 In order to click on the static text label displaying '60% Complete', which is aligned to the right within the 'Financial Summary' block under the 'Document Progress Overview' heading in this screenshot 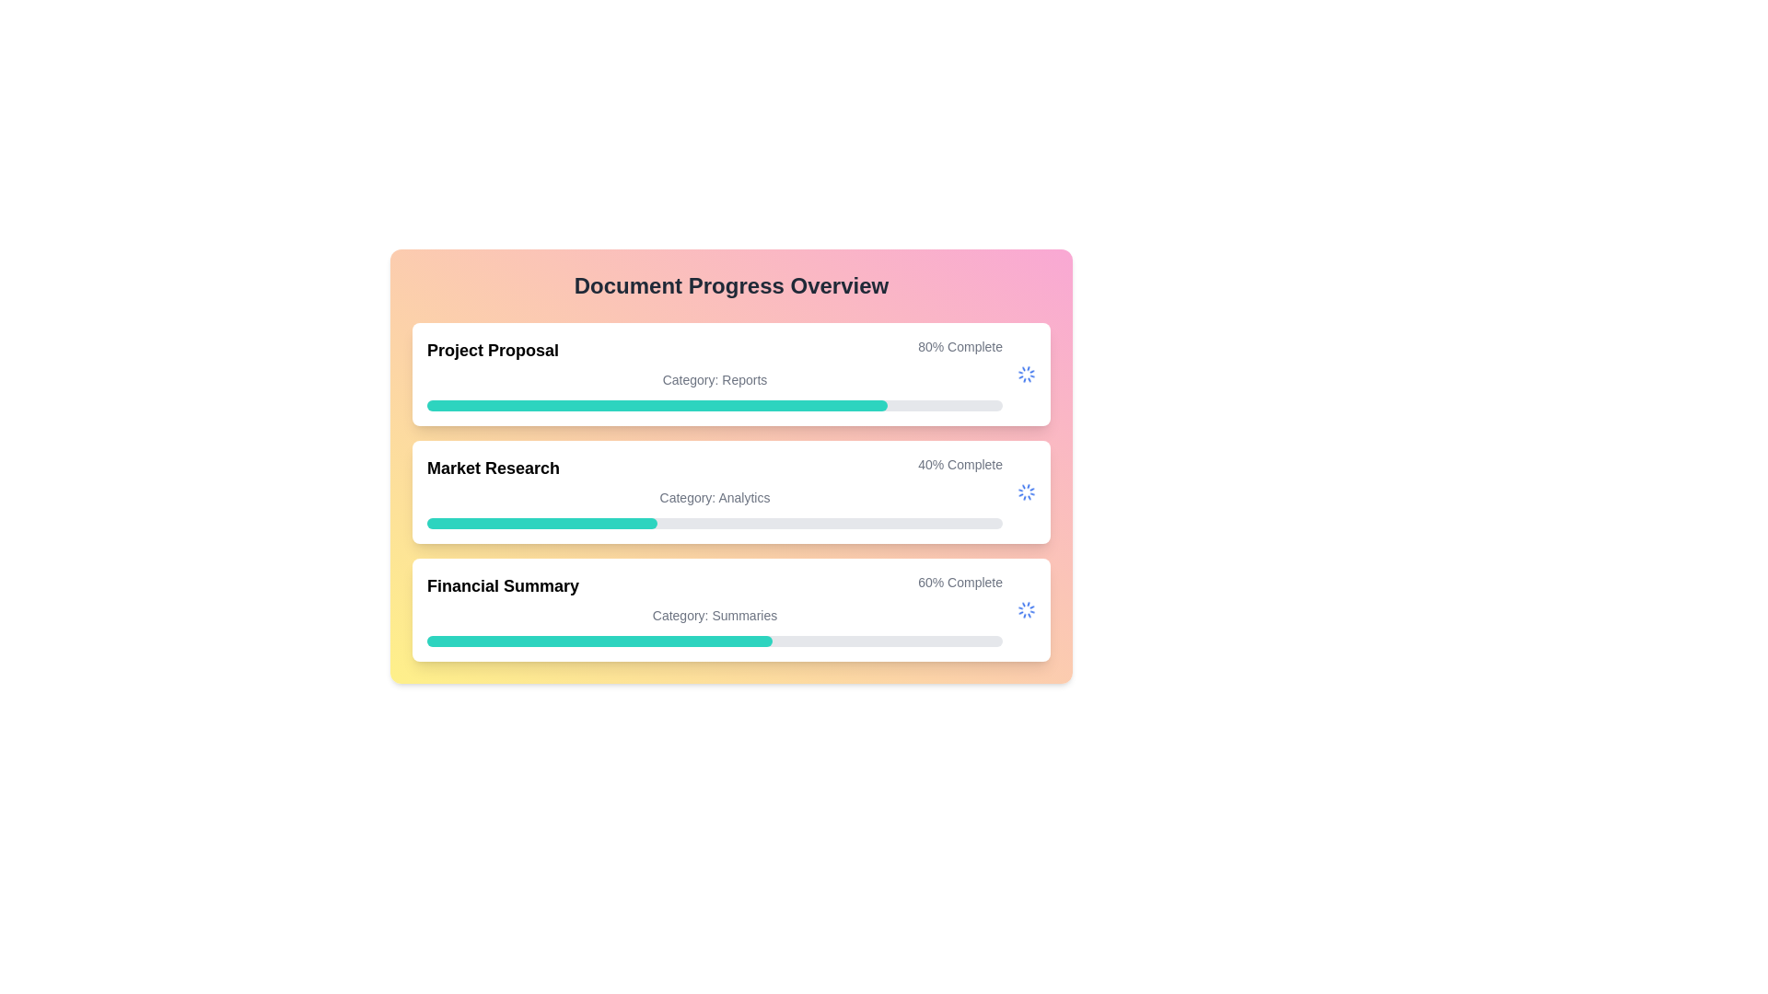, I will do `click(960, 585)`.